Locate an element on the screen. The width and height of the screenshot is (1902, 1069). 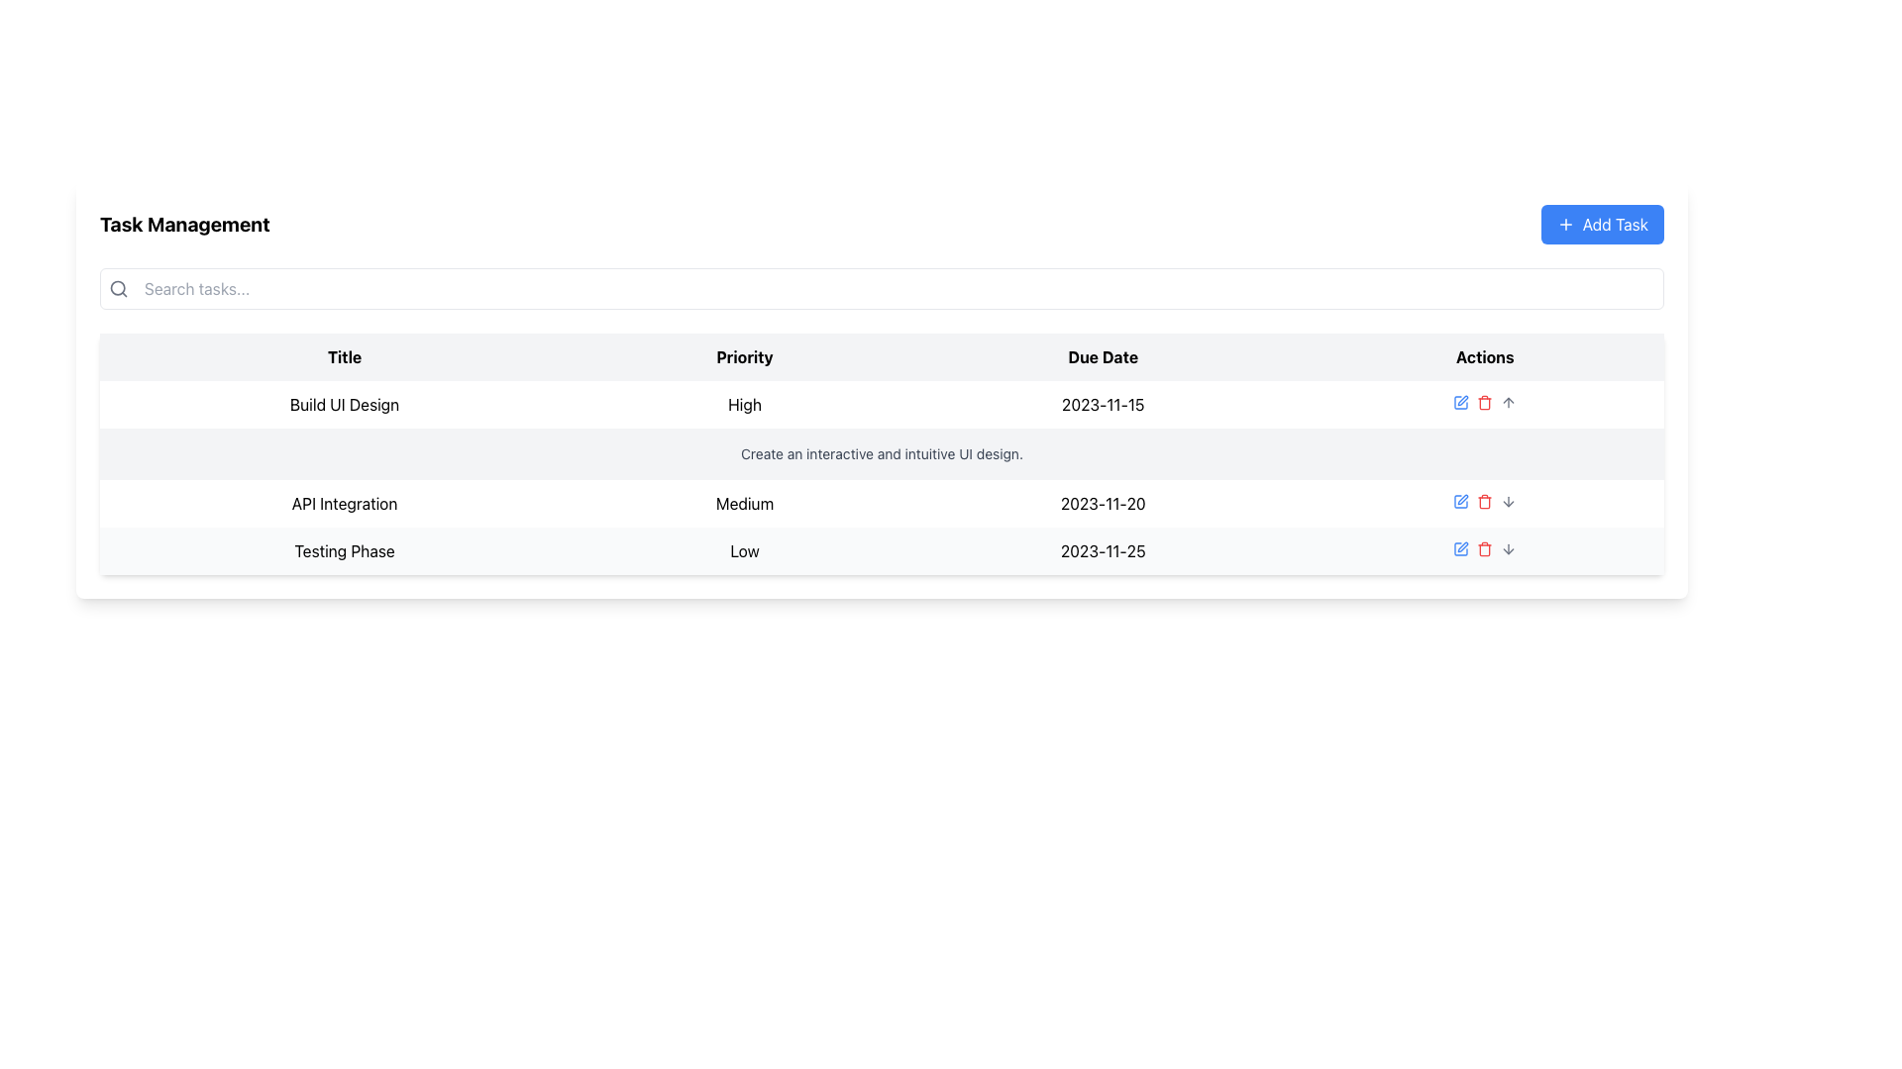
the action button located in the 'Actions' column of the first row in the task table, which represents editing or viewing task details is located at coordinates (1461, 500).